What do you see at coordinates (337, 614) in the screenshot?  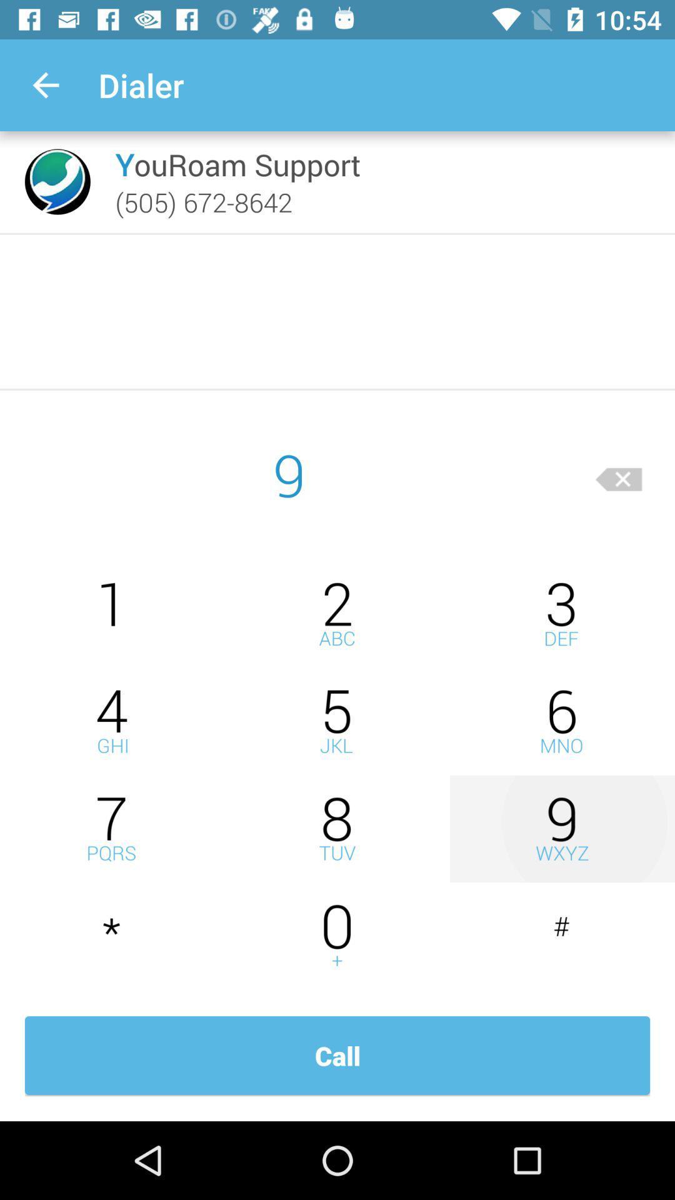 I see `dial 2` at bounding box center [337, 614].